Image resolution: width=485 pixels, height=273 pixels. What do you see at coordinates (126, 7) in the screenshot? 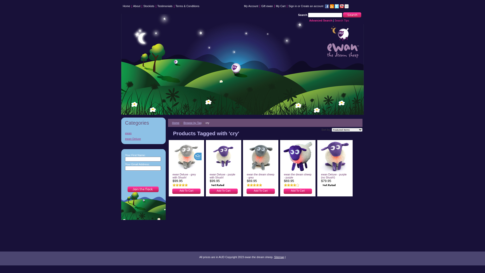
I see `'Home'` at bounding box center [126, 7].